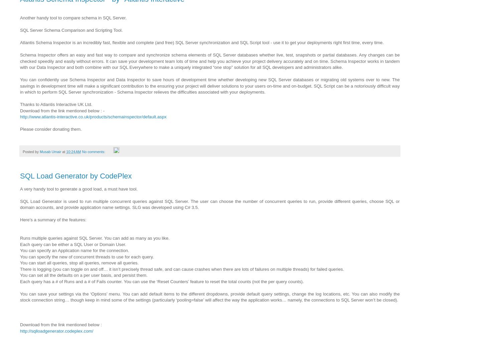  Describe the element at coordinates (62, 325) in the screenshot. I see `'Download from the link mentioned below :'` at that location.